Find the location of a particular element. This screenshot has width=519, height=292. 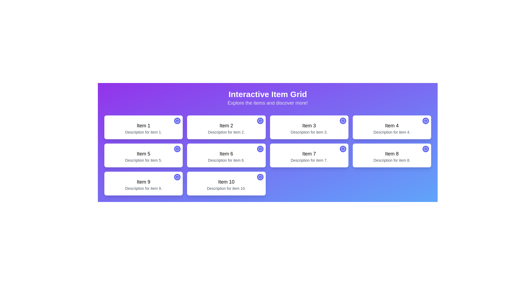

the text label displaying 'Description for item 5.' which is styled in gray and located under the title 'Item 5' in the grid layout is located at coordinates (144, 160).